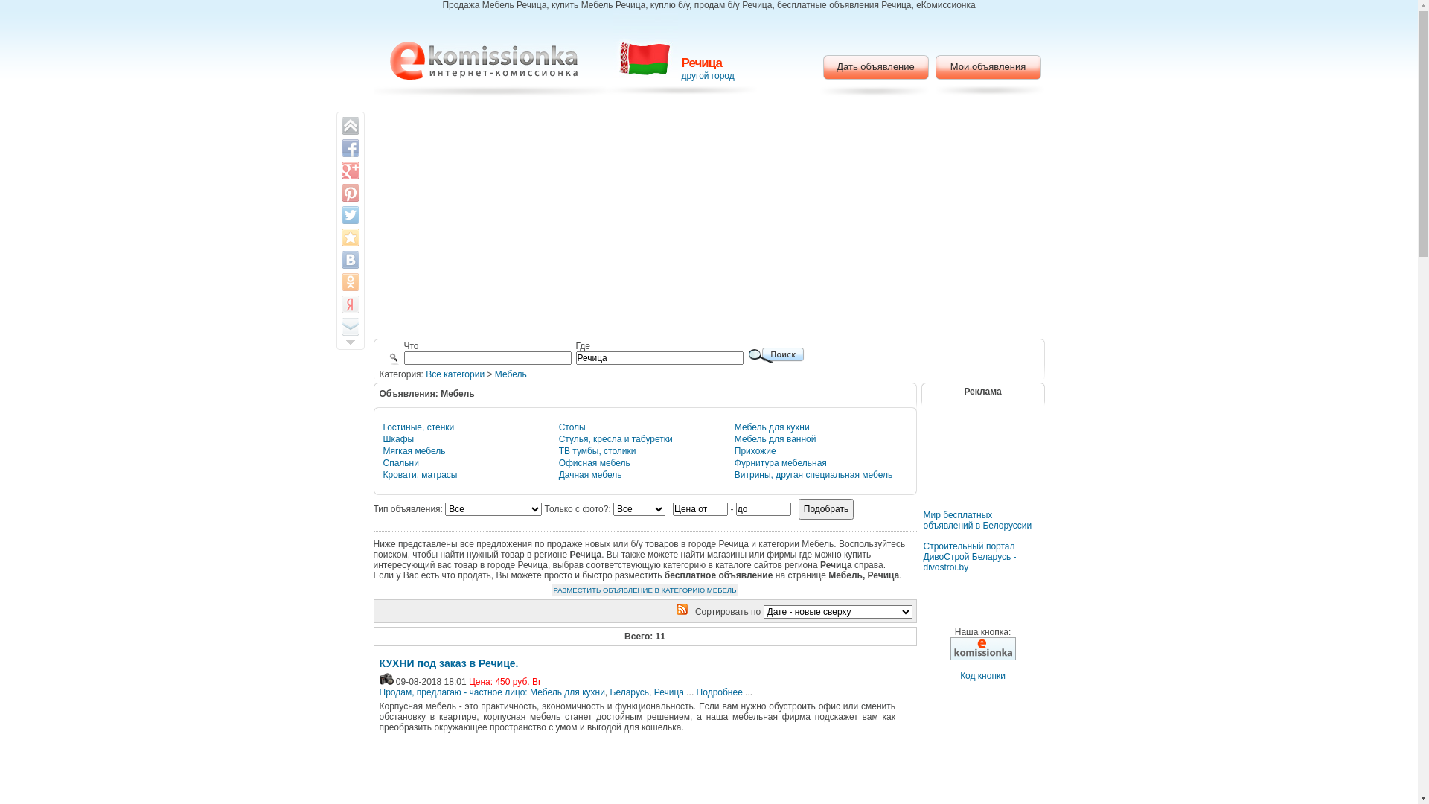 The image size is (1429, 804). What do you see at coordinates (349, 215) in the screenshot?
I see `'Share on Twitter'` at bounding box center [349, 215].